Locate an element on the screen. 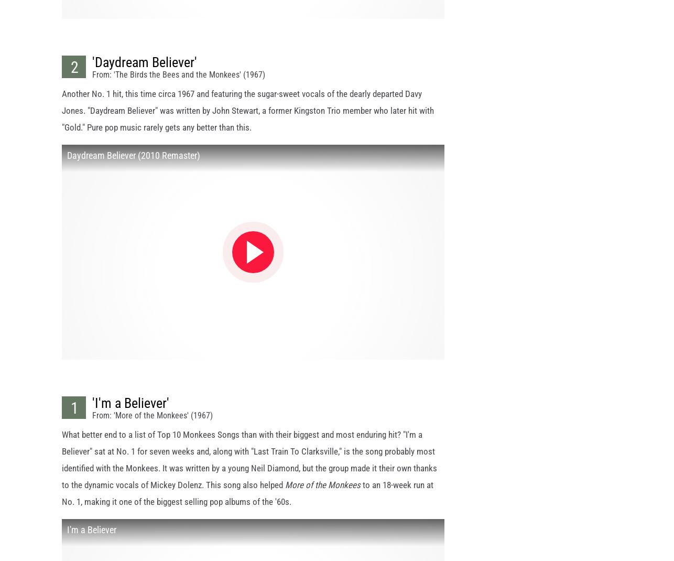 This screenshot has height=561, width=674. 'I'm a Believer' is located at coordinates (92, 539).